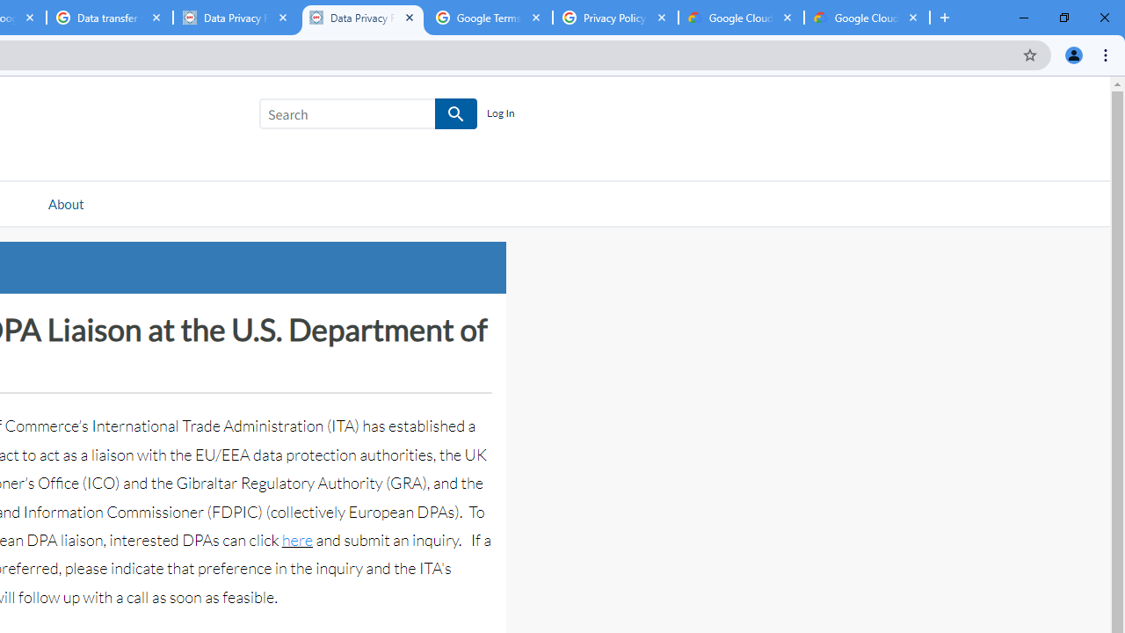  What do you see at coordinates (65, 202) in the screenshot?
I see `'AutomationID: navitem2'` at bounding box center [65, 202].